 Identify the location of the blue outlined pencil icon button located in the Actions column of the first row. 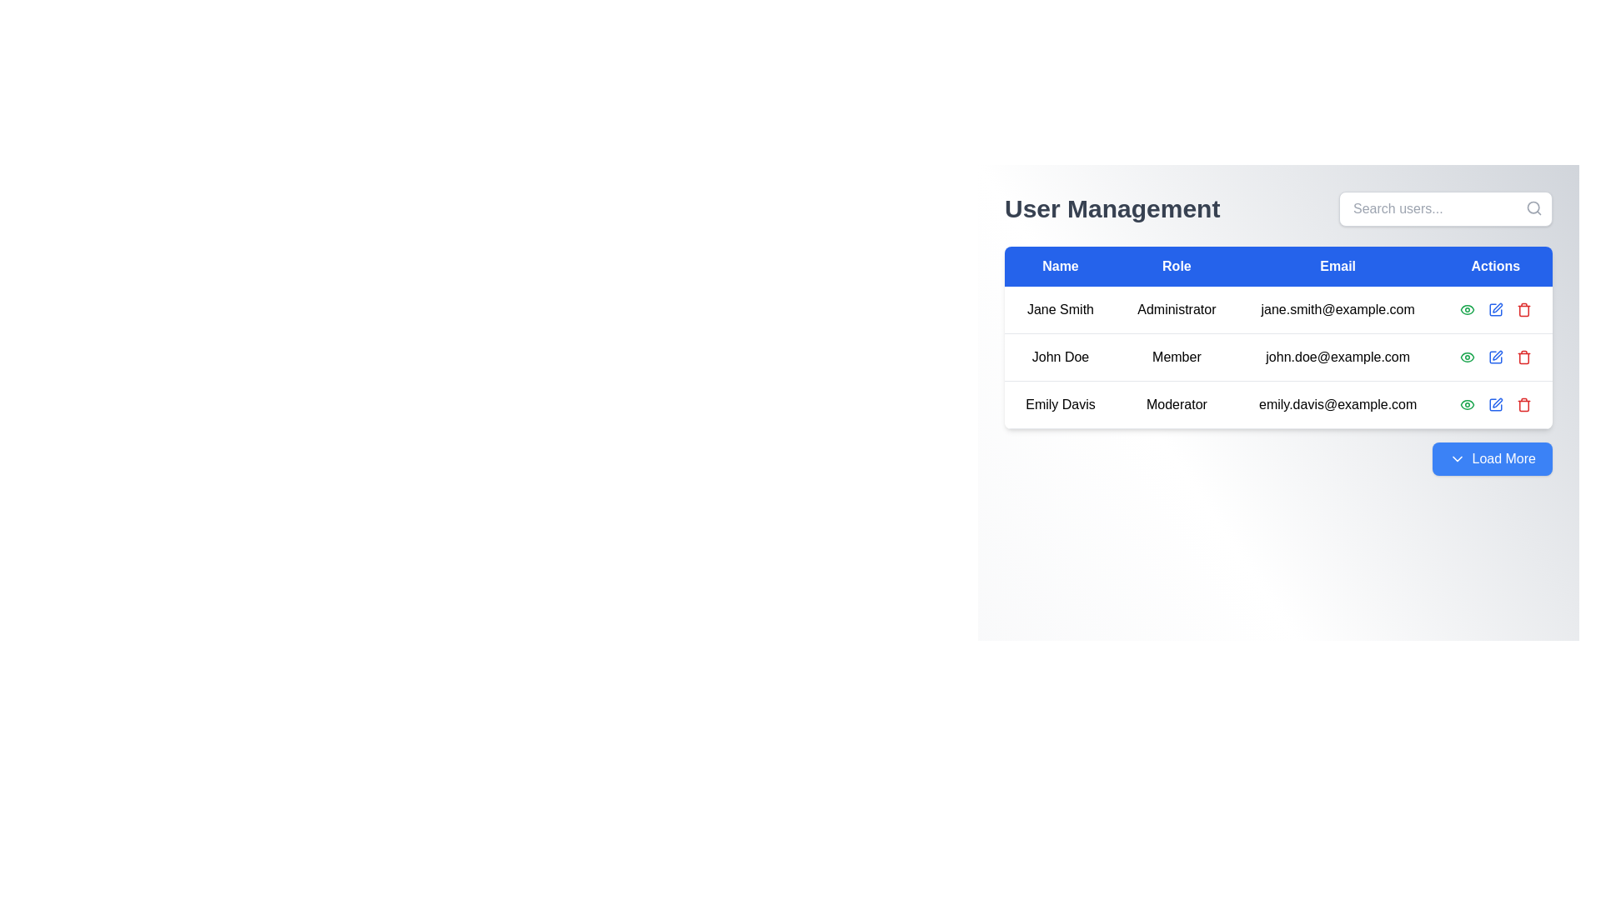
(1495, 309).